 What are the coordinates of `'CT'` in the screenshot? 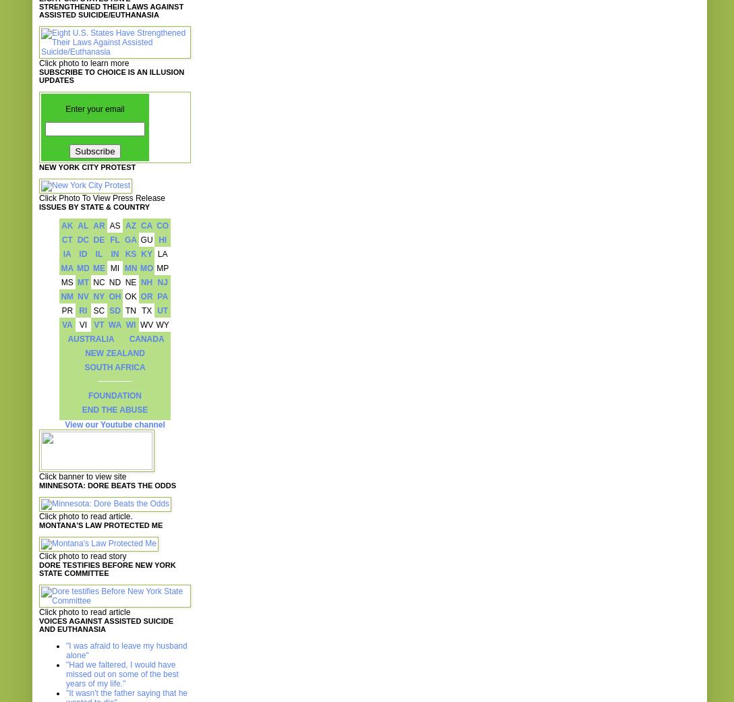 It's located at (67, 239).